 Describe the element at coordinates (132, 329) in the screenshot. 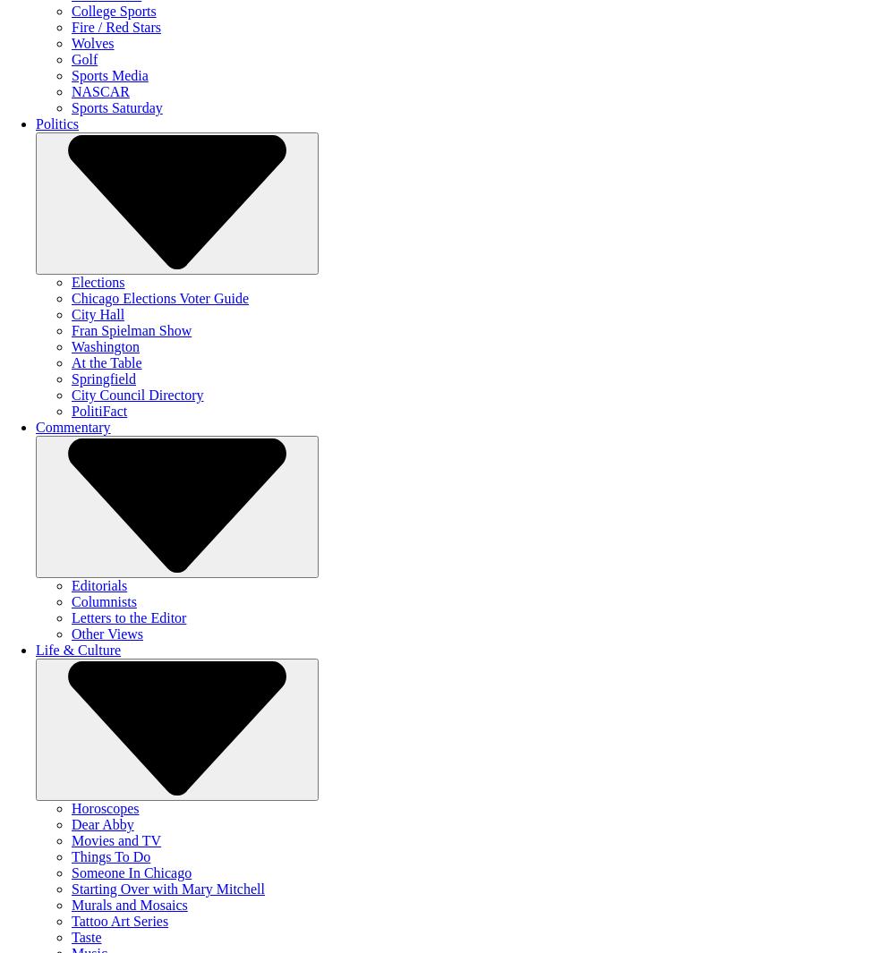

I see `'Fran Spielman Show'` at that location.